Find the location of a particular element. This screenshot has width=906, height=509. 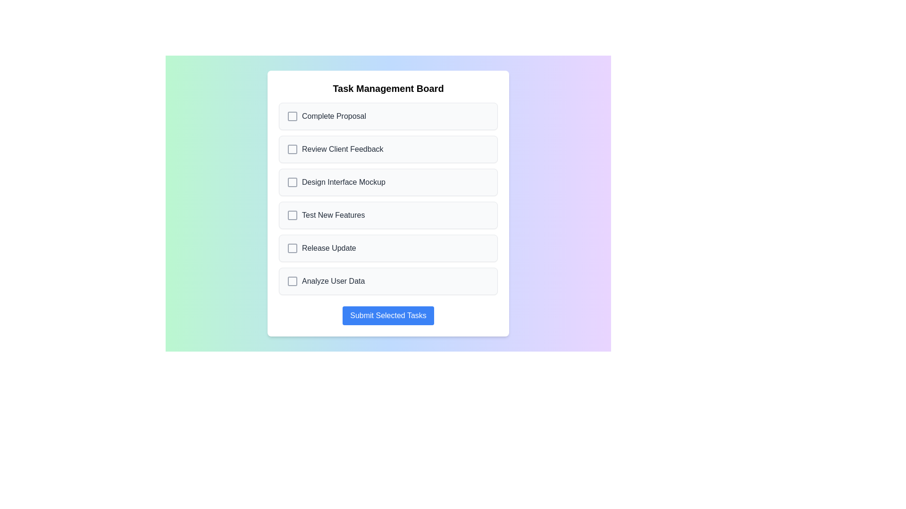

the 'Submit Selected Tasks' button to submit the selected tasks is located at coordinates (388, 316).